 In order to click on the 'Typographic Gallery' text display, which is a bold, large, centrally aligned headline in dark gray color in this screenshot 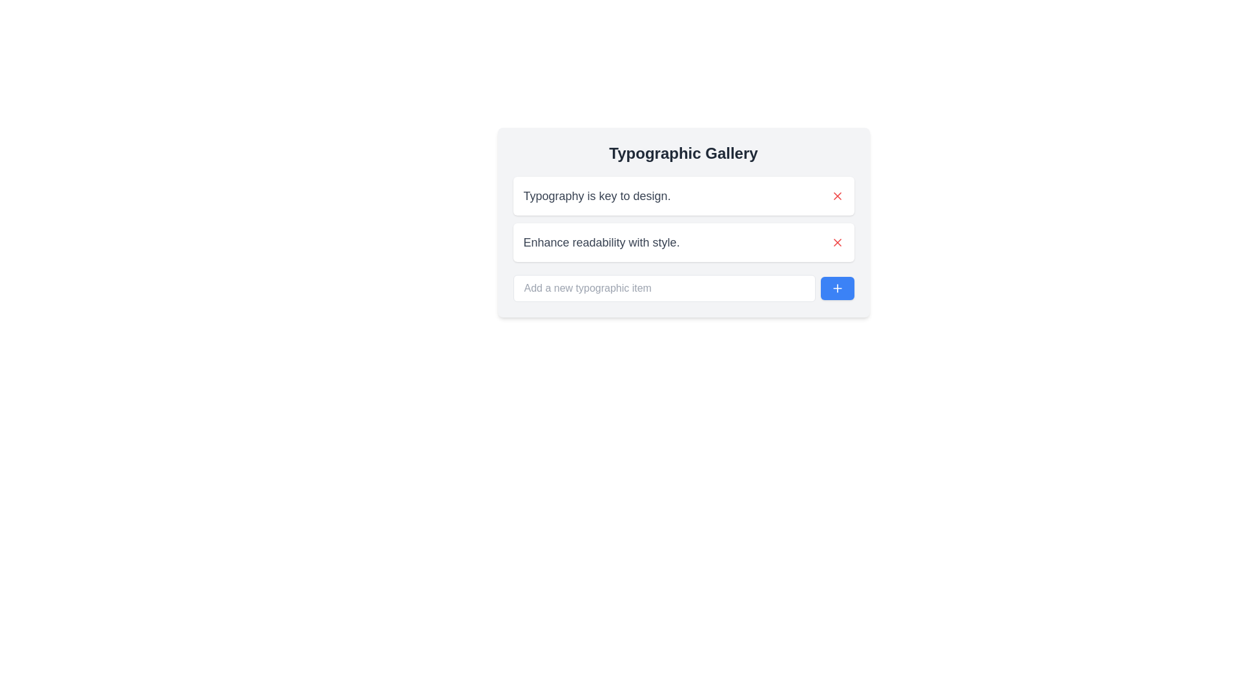, I will do `click(683, 153)`.